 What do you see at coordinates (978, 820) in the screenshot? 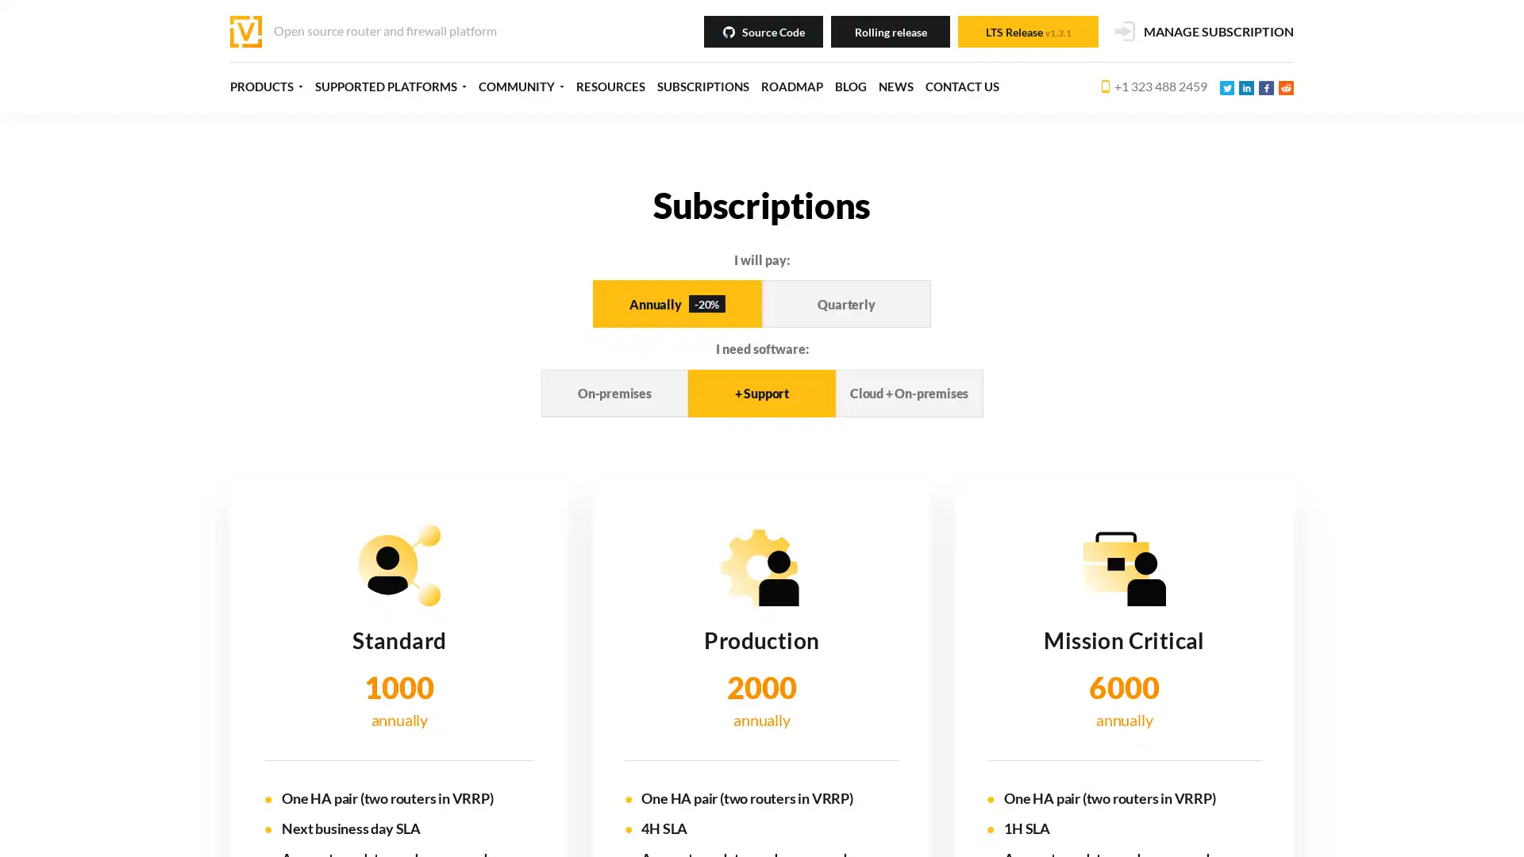
I see `Accept` at bounding box center [978, 820].